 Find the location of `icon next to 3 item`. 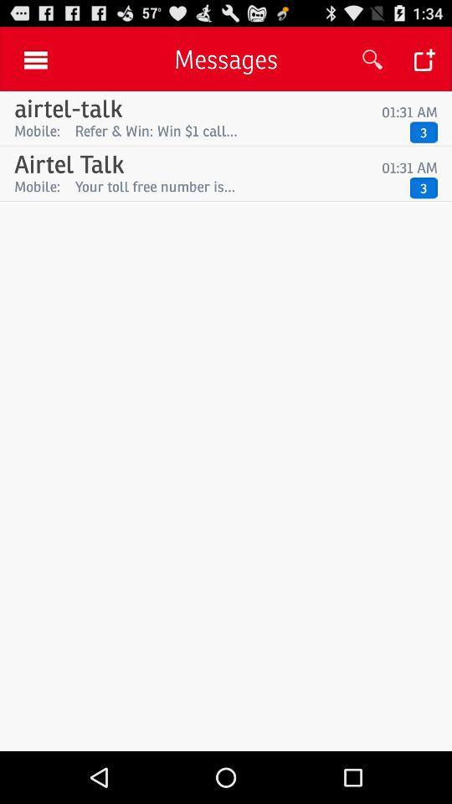

icon next to 3 item is located at coordinates (238, 130).